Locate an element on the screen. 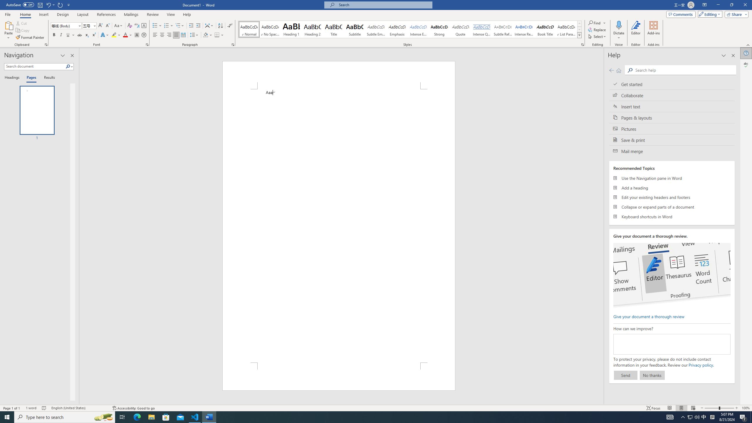 This screenshot has width=752, height=423. 'Subtle Emphasis' is located at coordinates (376, 29).